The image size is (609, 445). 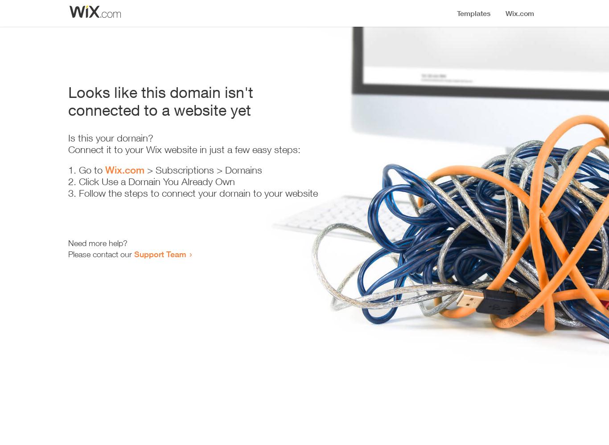 I want to click on 'Connect it to your Wix website in just a few easy steps:', so click(x=184, y=149).